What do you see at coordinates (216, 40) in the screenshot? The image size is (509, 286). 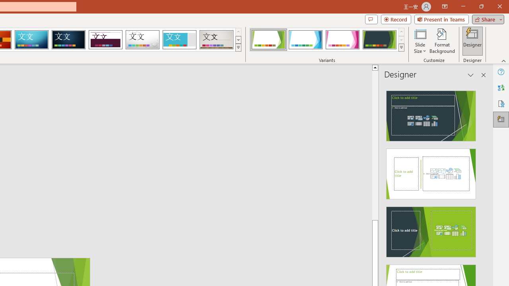 I see `'Gallery'` at bounding box center [216, 40].